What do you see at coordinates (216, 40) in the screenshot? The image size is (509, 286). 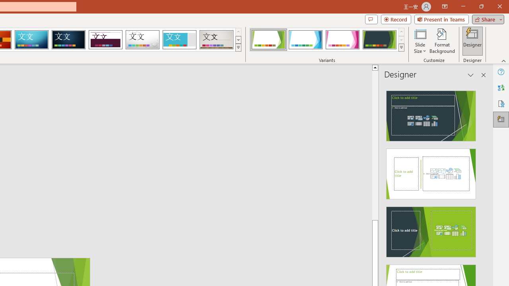 I see `'Gallery'` at bounding box center [216, 40].